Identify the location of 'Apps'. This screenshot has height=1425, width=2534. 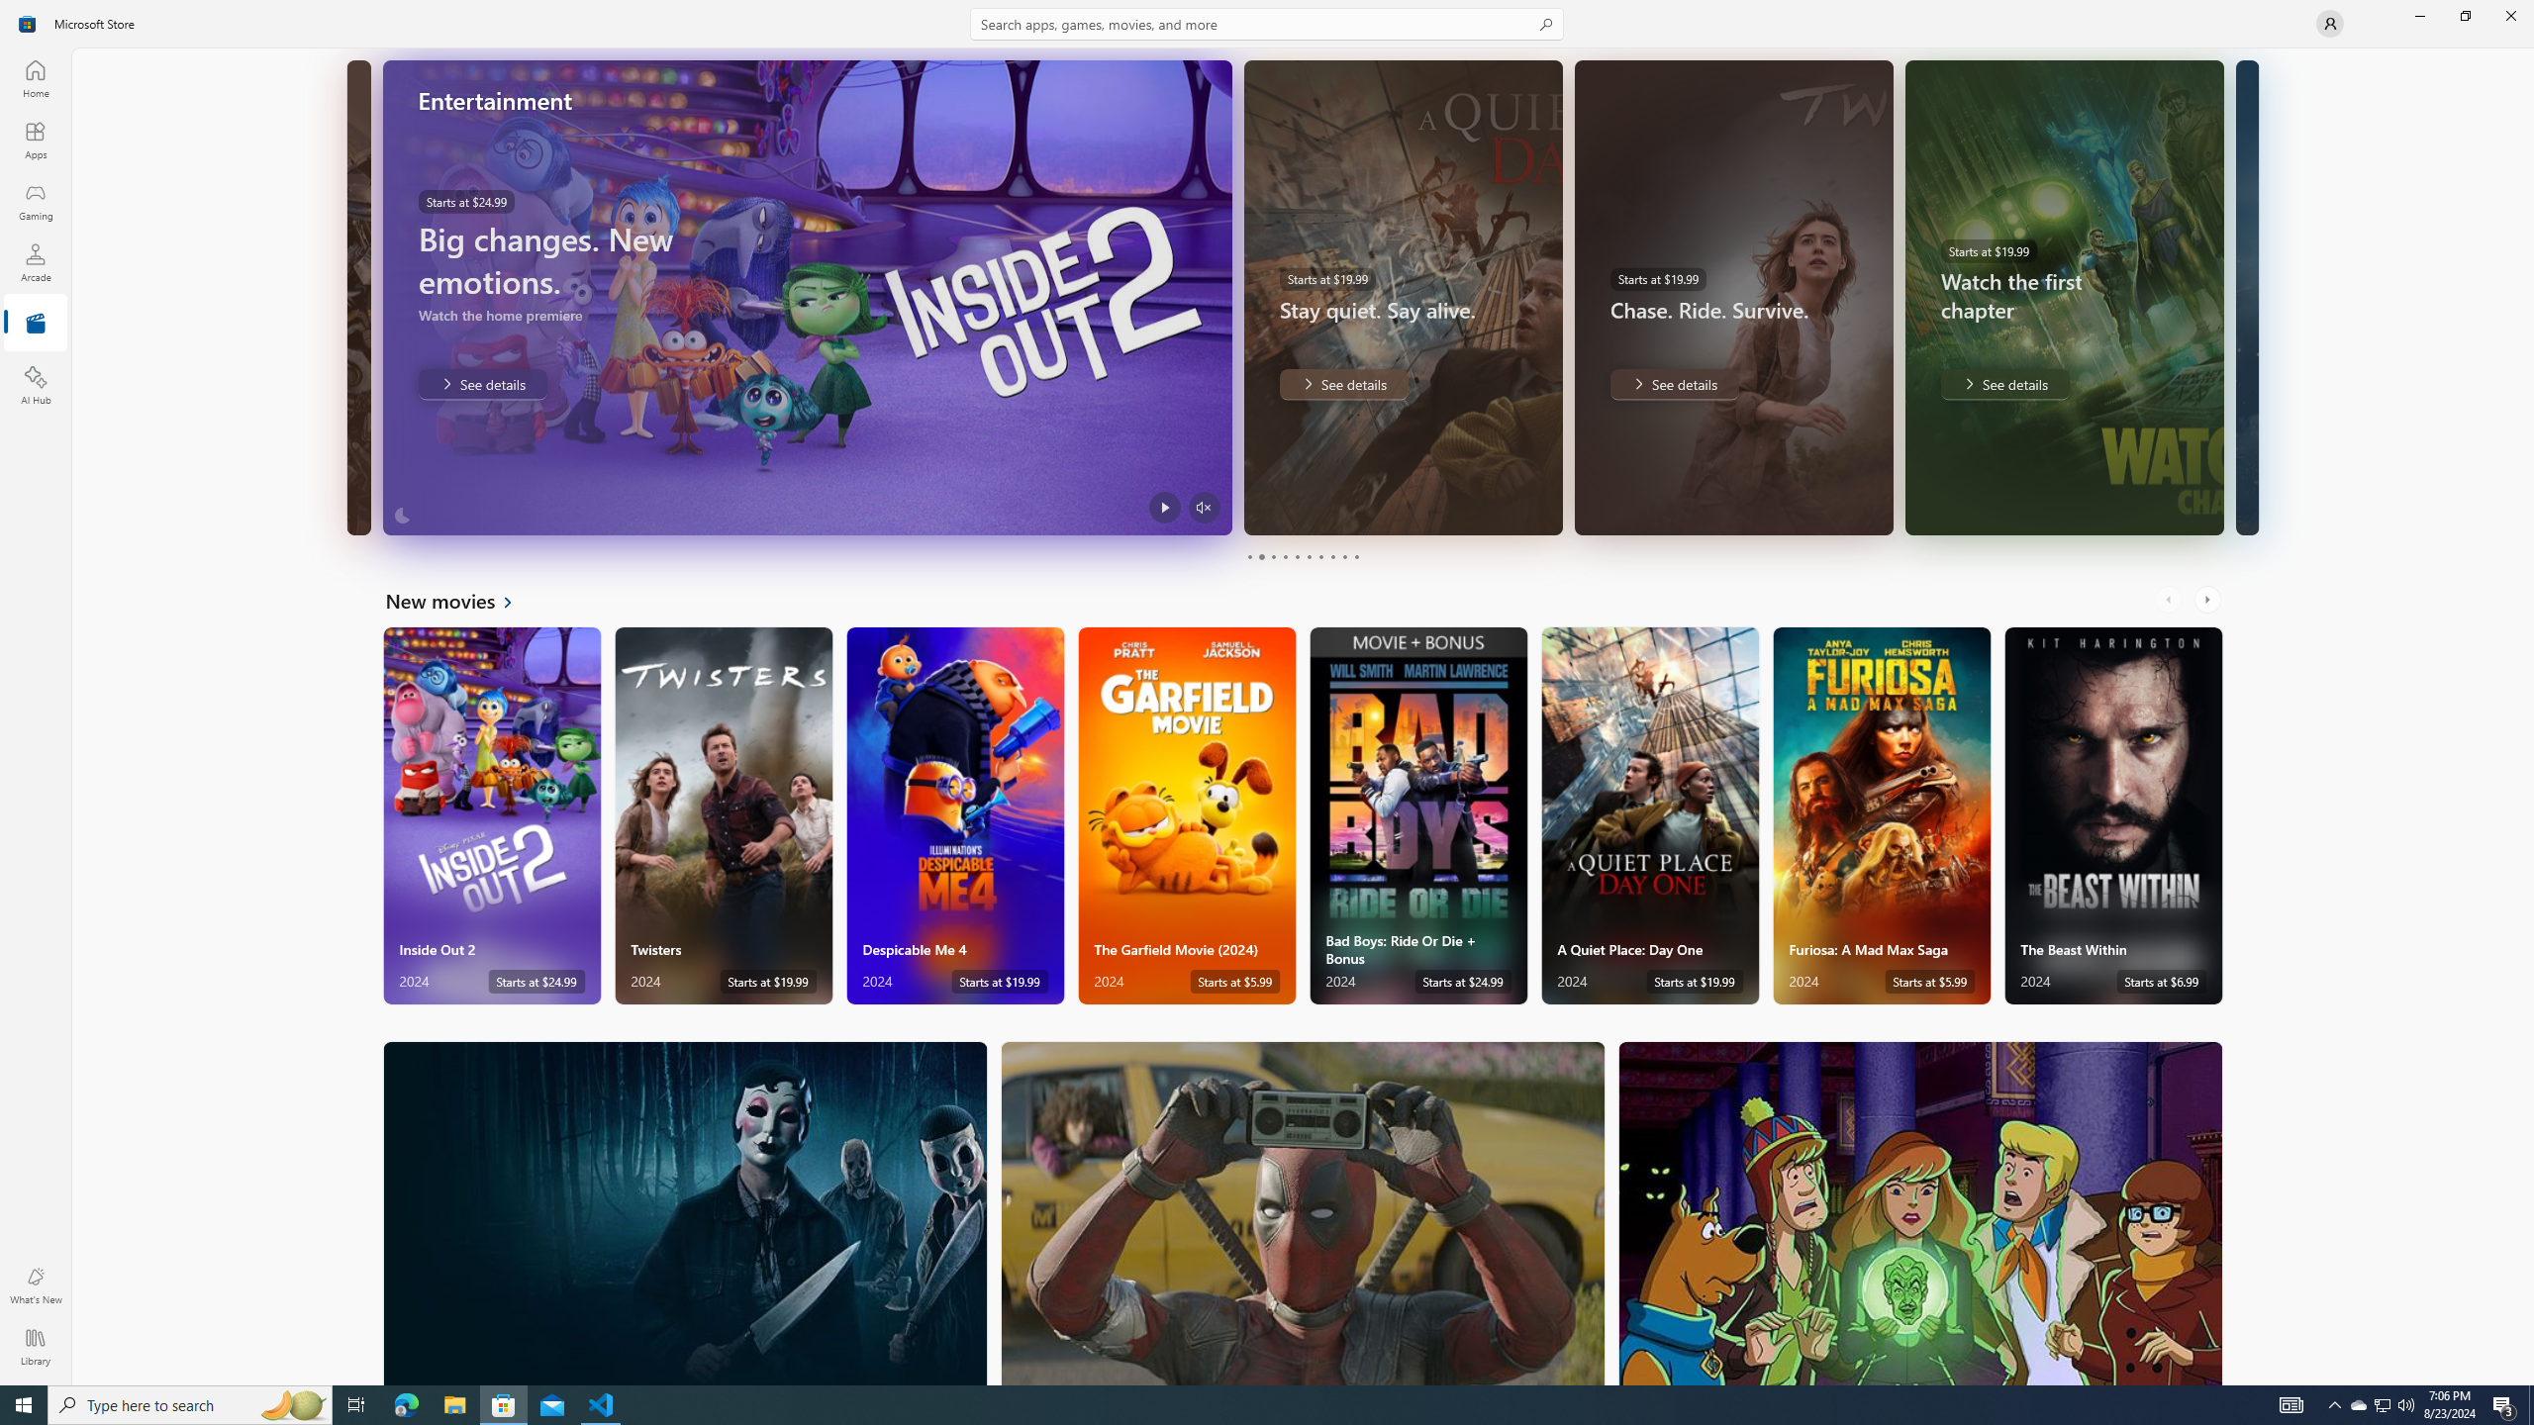
(34, 140).